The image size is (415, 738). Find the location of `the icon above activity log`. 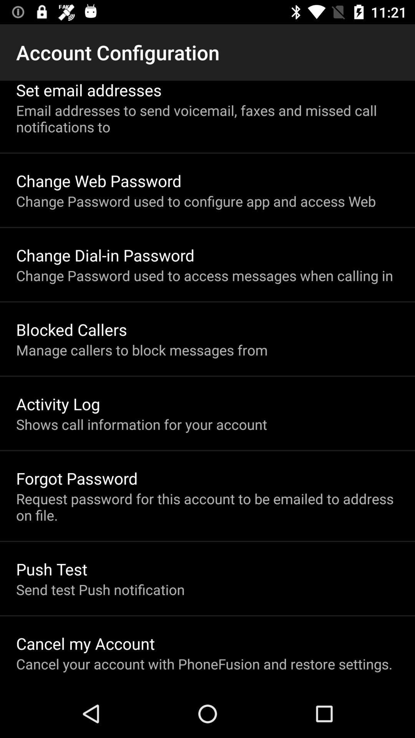

the icon above activity log is located at coordinates (142, 349).